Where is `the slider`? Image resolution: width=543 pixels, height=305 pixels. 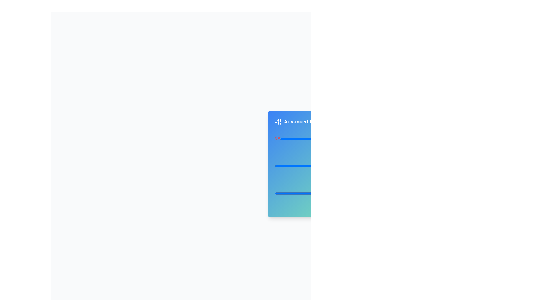 the slider is located at coordinates (282, 139).